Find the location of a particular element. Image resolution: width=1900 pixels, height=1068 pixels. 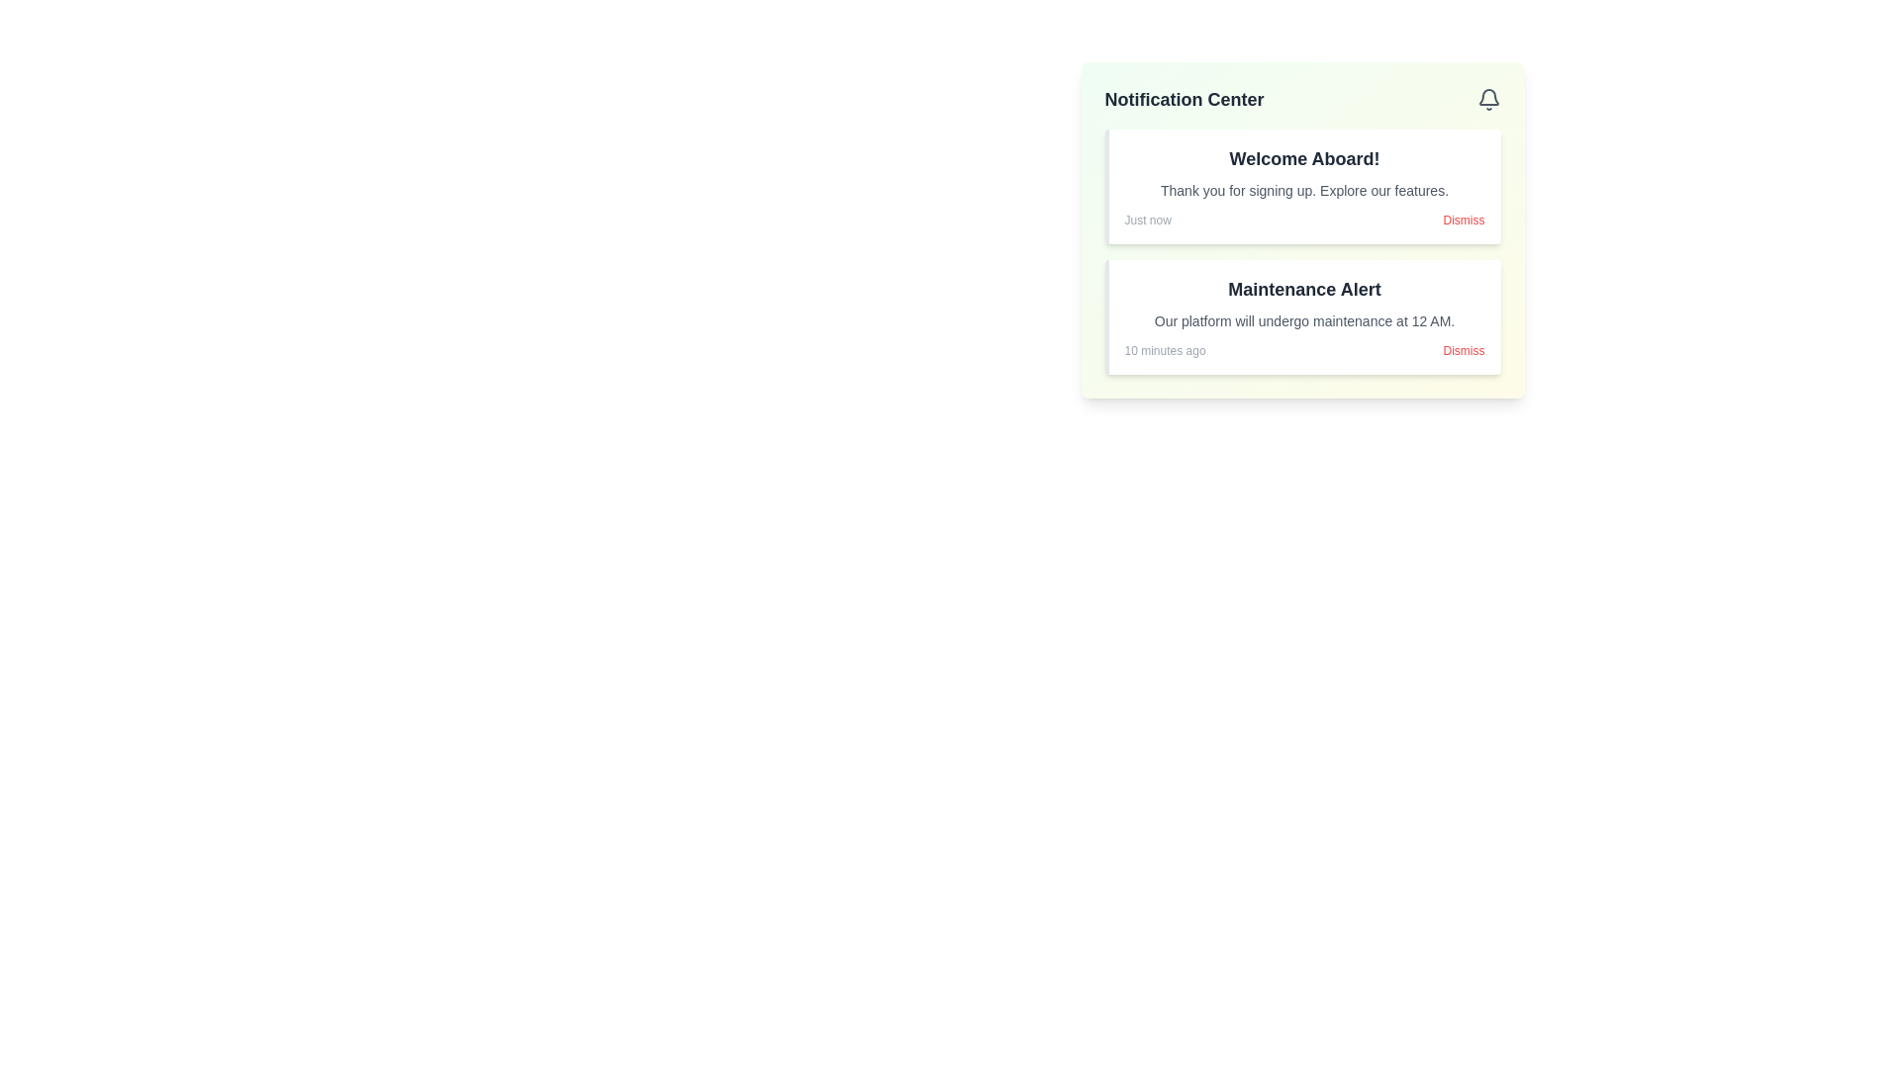

the second notification card in the Notification Center is located at coordinates (1302, 315).